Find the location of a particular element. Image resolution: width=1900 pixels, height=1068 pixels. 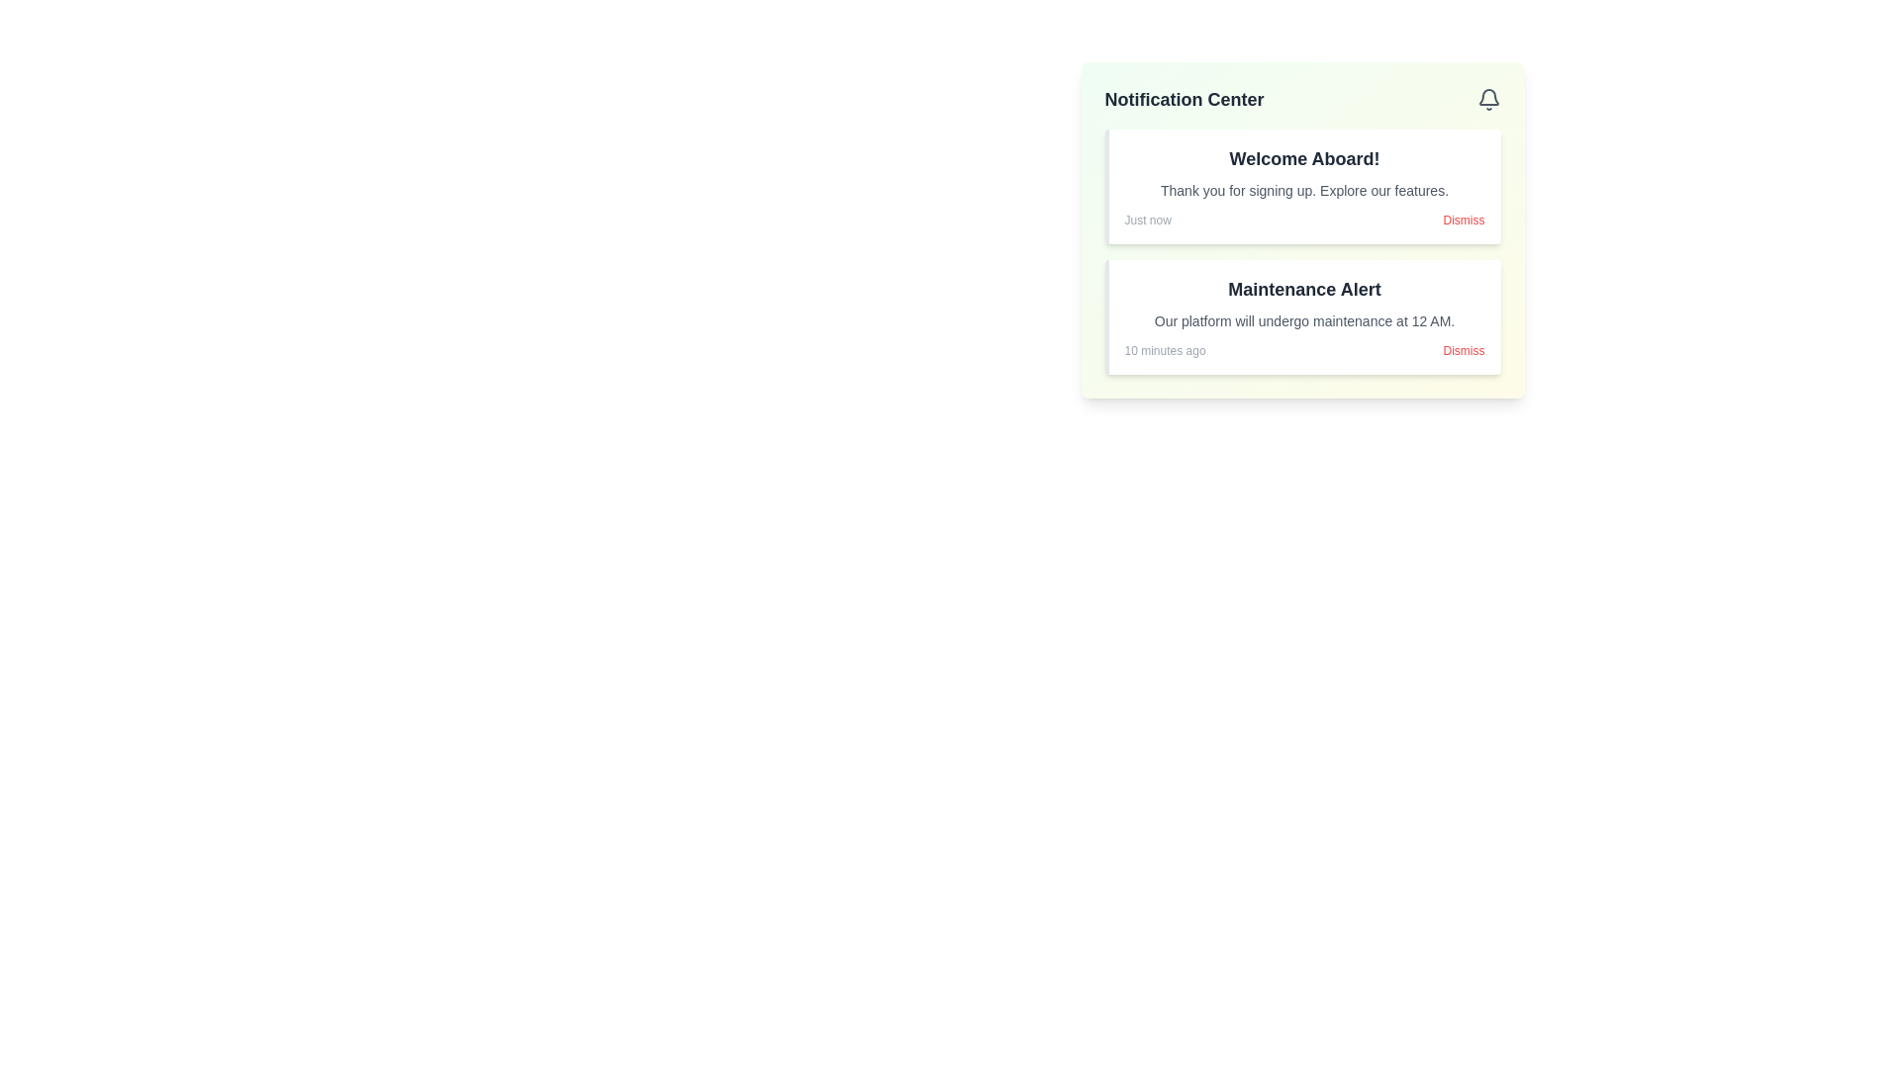

the second notification card in the Notification Center is located at coordinates (1302, 315).